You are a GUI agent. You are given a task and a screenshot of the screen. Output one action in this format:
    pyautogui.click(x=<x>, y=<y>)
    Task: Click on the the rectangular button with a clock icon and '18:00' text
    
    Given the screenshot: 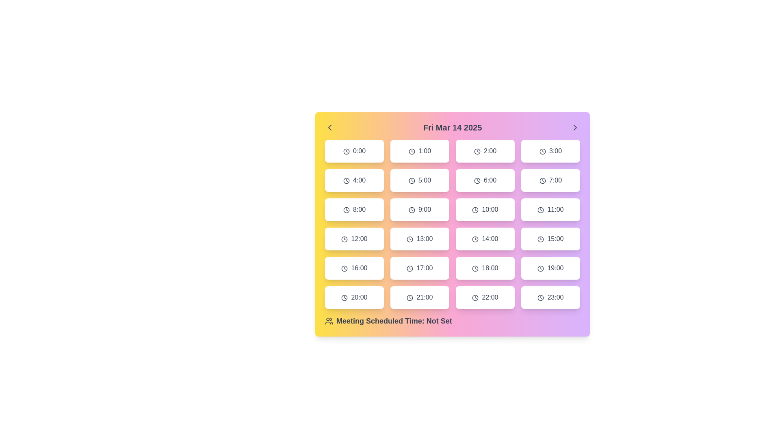 What is the action you would take?
    pyautogui.click(x=485, y=268)
    